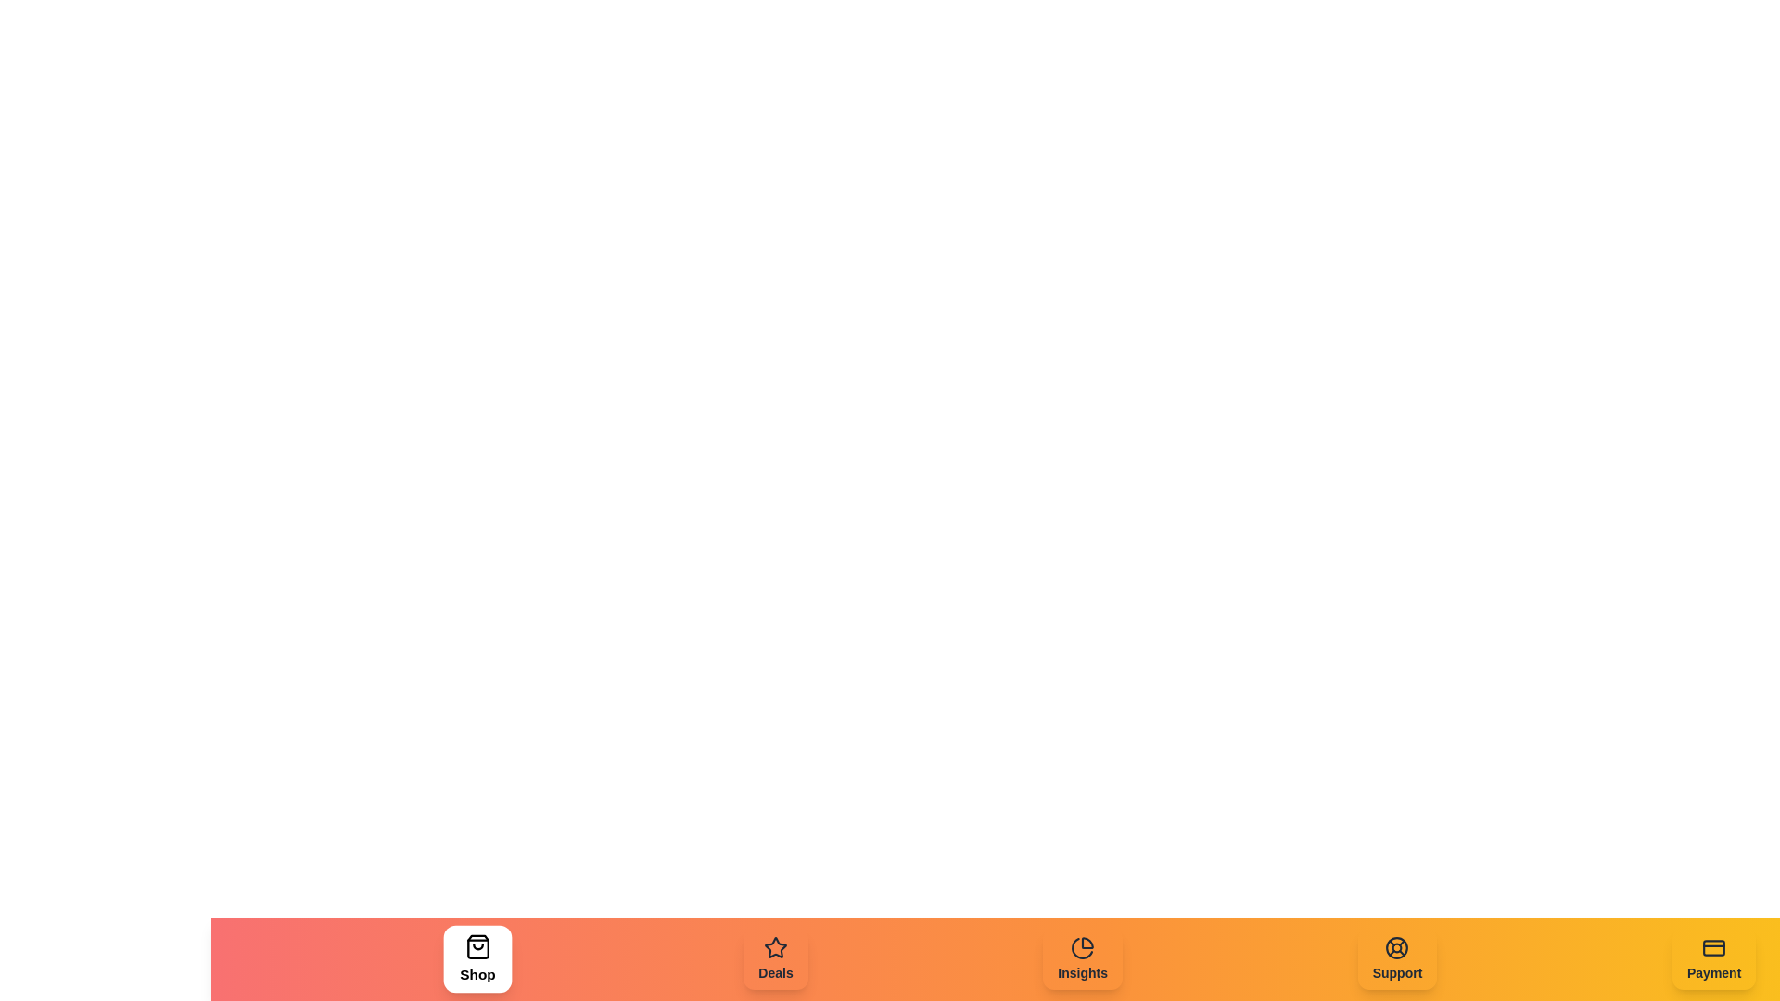 The image size is (1780, 1001). What do you see at coordinates (477, 958) in the screenshot?
I see `the tab labeled 'Shop' to observe its hover effect` at bounding box center [477, 958].